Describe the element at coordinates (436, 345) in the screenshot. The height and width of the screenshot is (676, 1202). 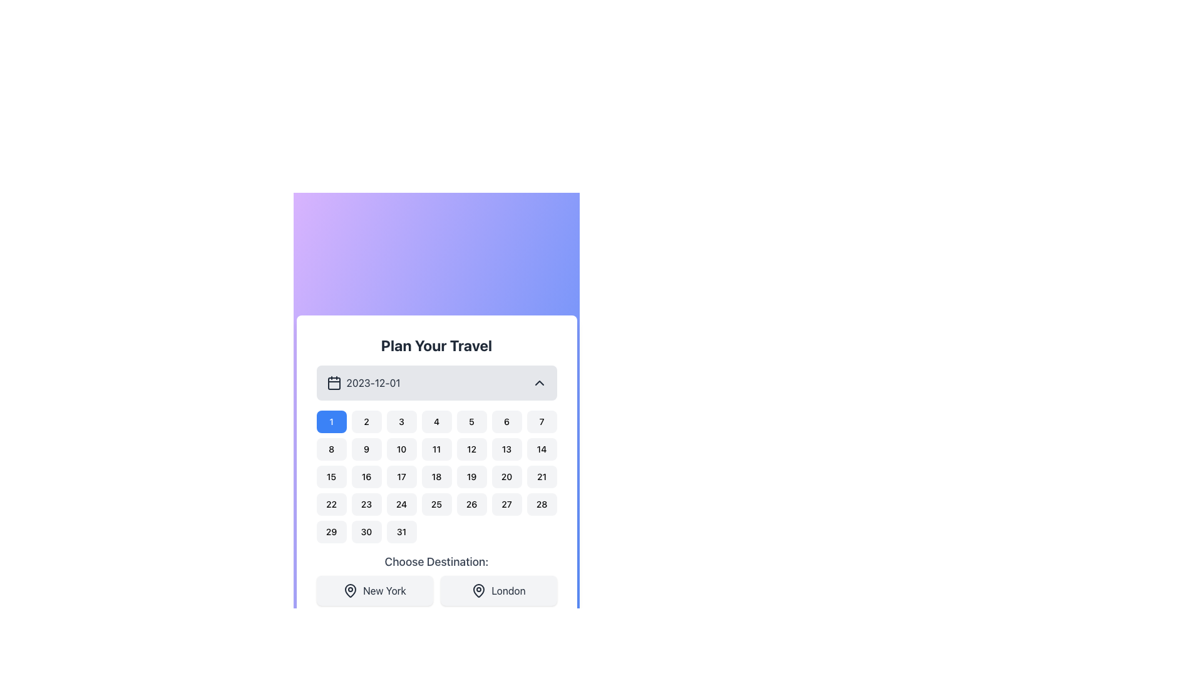
I see `the header text element reading 'Plan Your Travel', which is styled in bold and centered at the top of the travel planning interface card` at that location.